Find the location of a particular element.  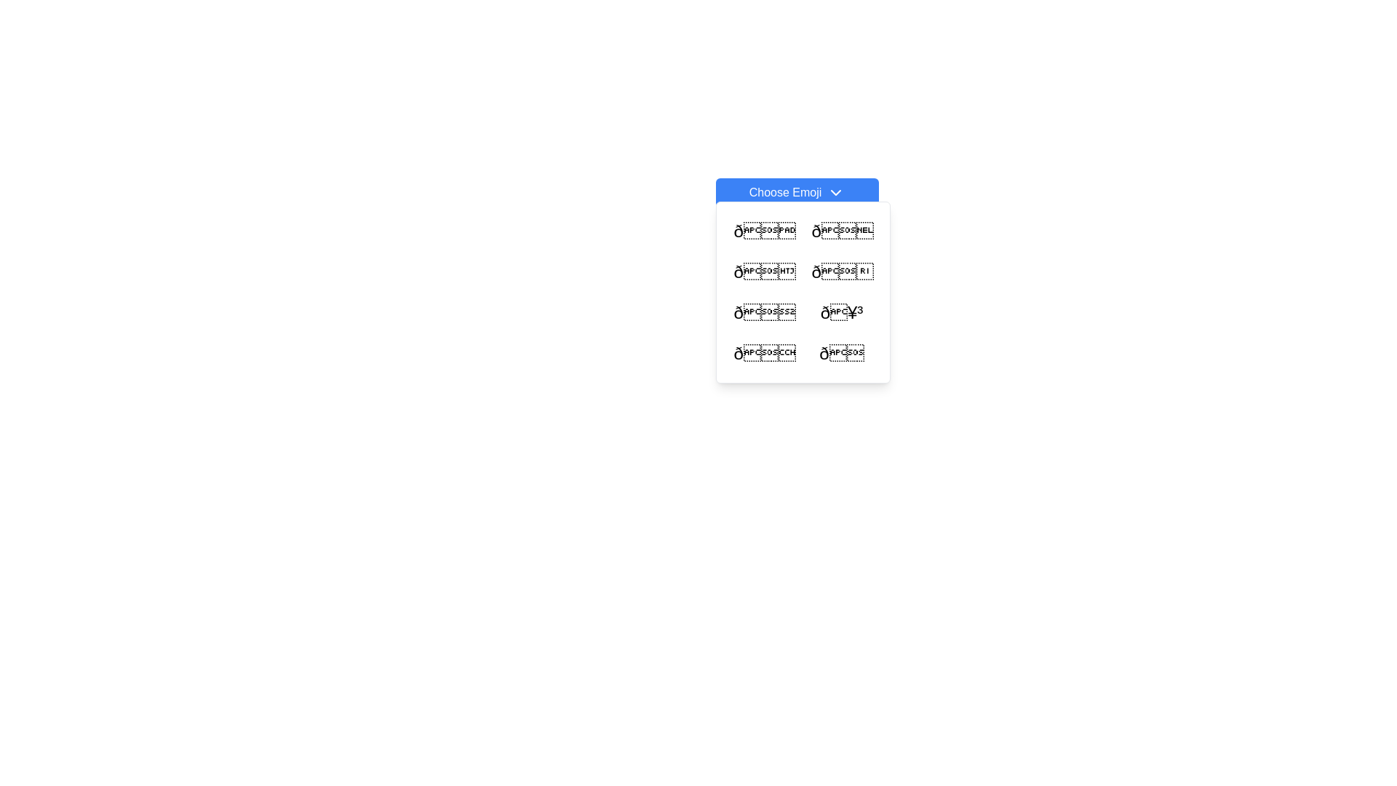

the emoji selection button located at the top of the interface to observe interactive styling changes is located at coordinates (796, 192).